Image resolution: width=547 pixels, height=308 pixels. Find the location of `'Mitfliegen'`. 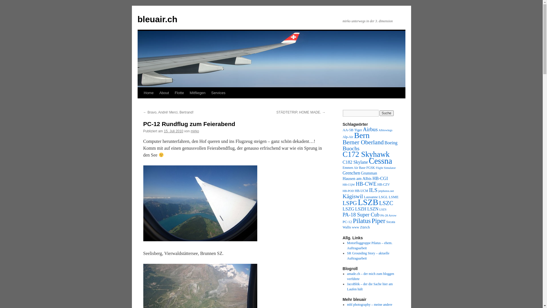

'Mitfliegen' is located at coordinates (198, 93).